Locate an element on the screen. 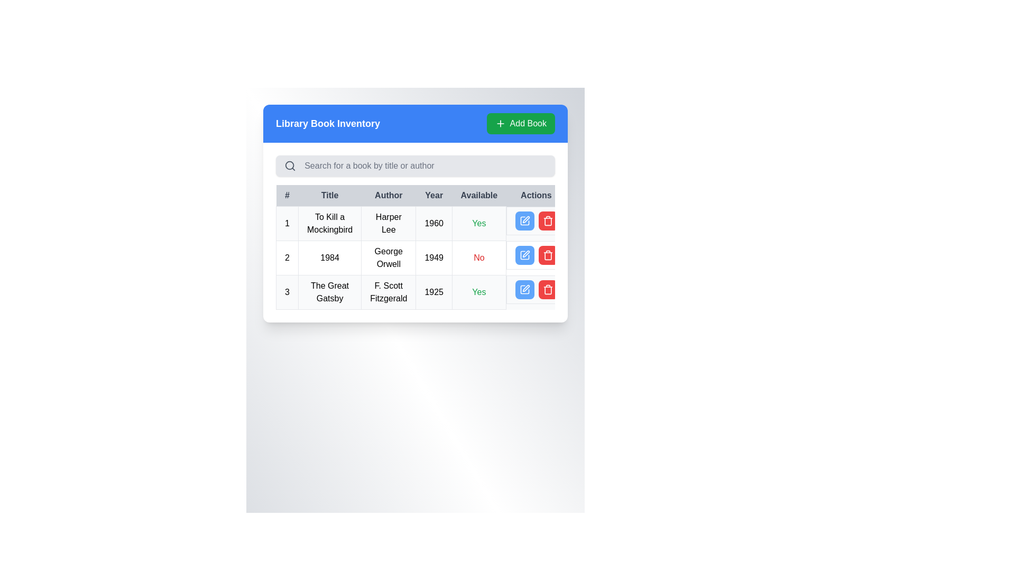  information displayed in the Text display cell showing the title of the book 'The Great Gatsby', located in the second cell of the third row under the 'Title' column is located at coordinates (329, 292).